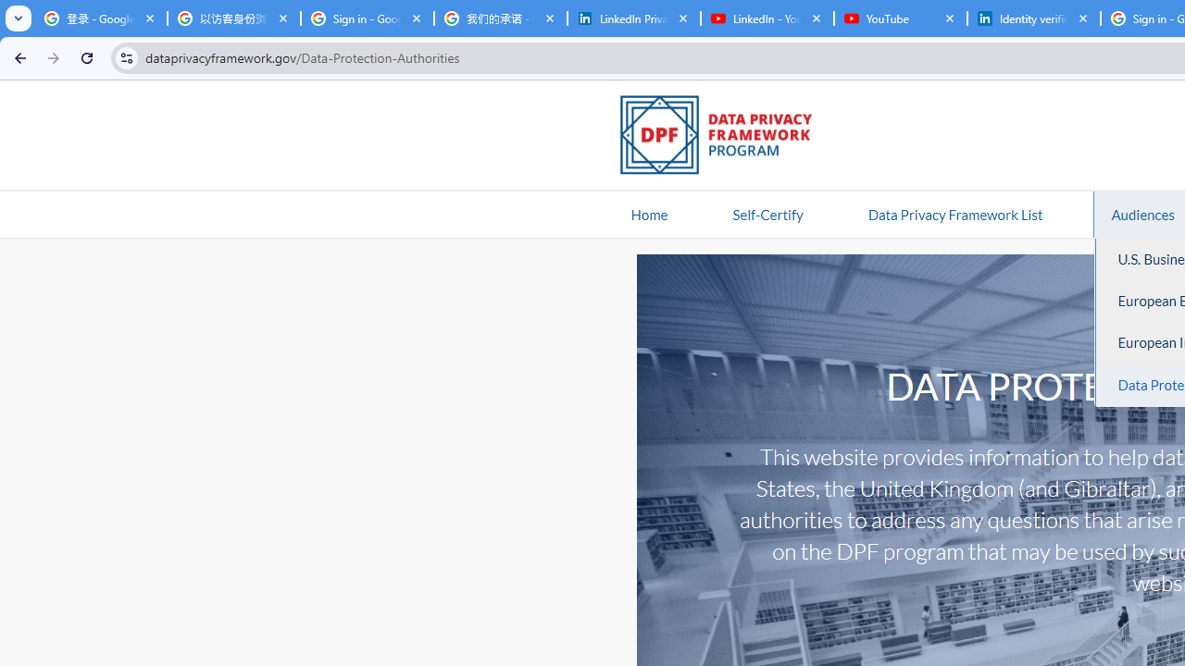 Image resolution: width=1185 pixels, height=666 pixels. Describe the element at coordinates (649, 213) in the screenshot. I see `'Home'` at that location.